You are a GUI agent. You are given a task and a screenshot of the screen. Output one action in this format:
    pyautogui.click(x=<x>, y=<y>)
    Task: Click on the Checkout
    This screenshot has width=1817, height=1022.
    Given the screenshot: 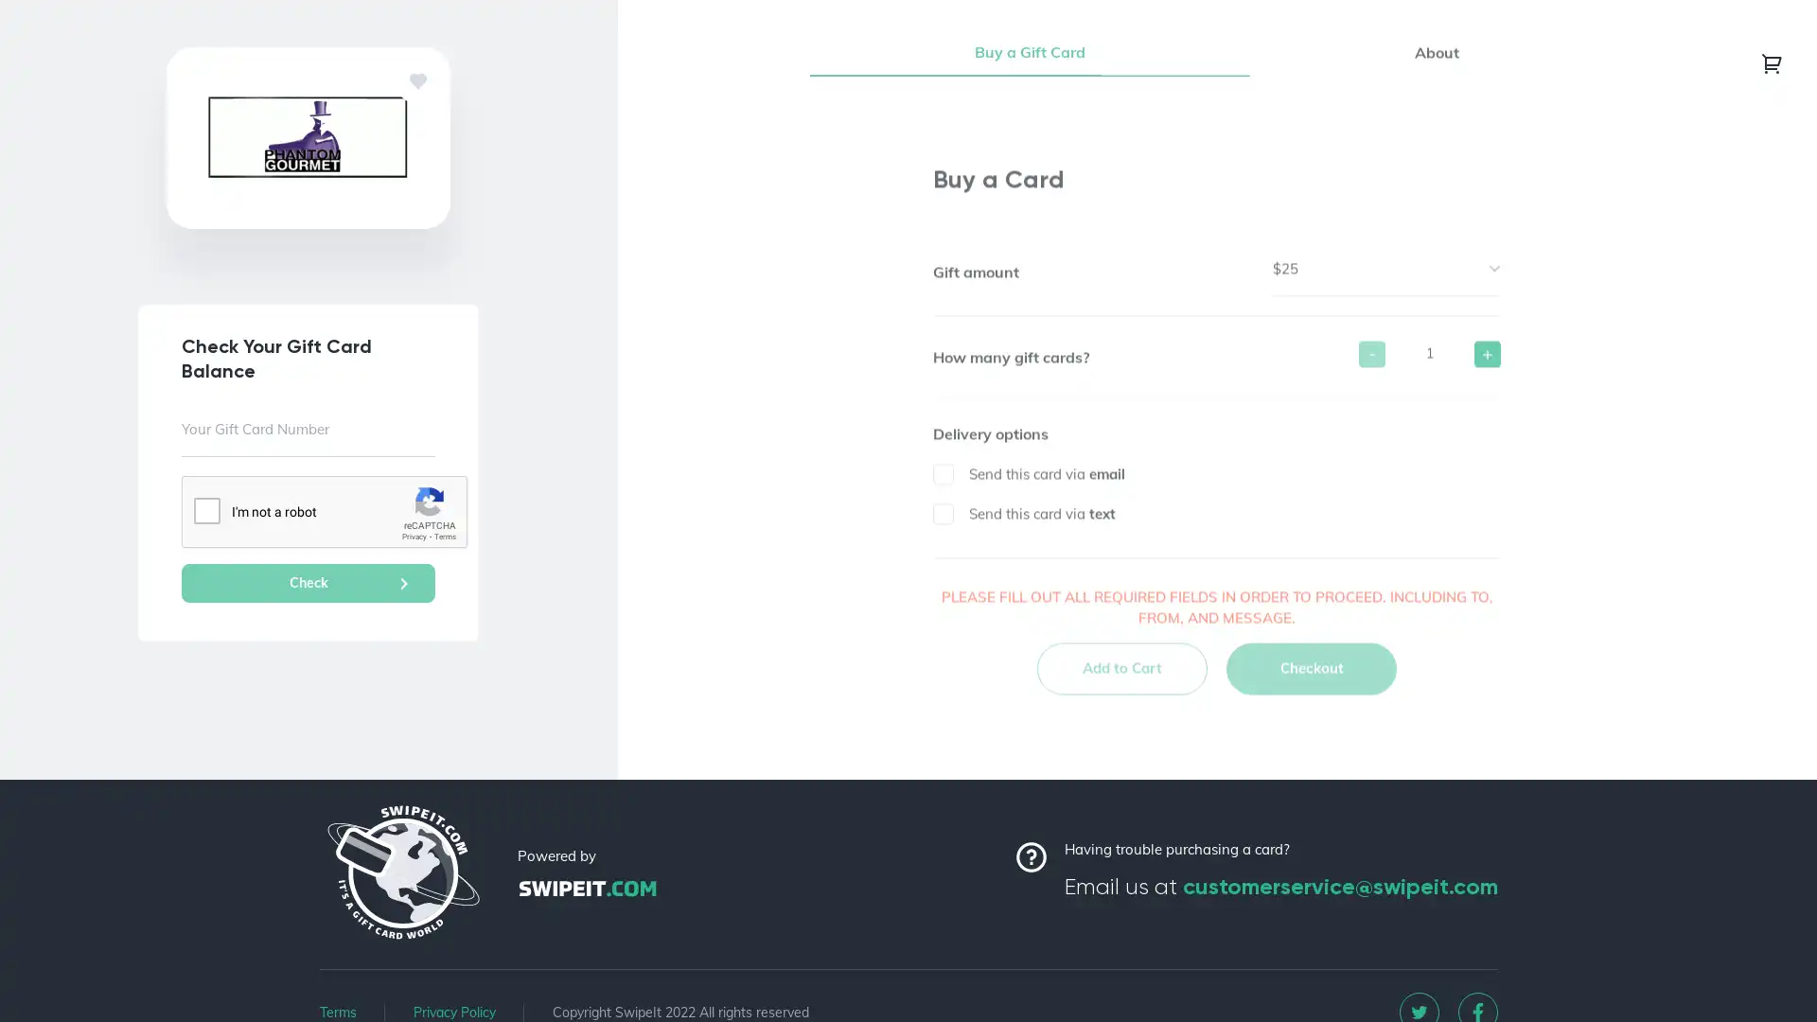 What is the action you would take?
    pyautogui.click(x=1311, y=677)
    